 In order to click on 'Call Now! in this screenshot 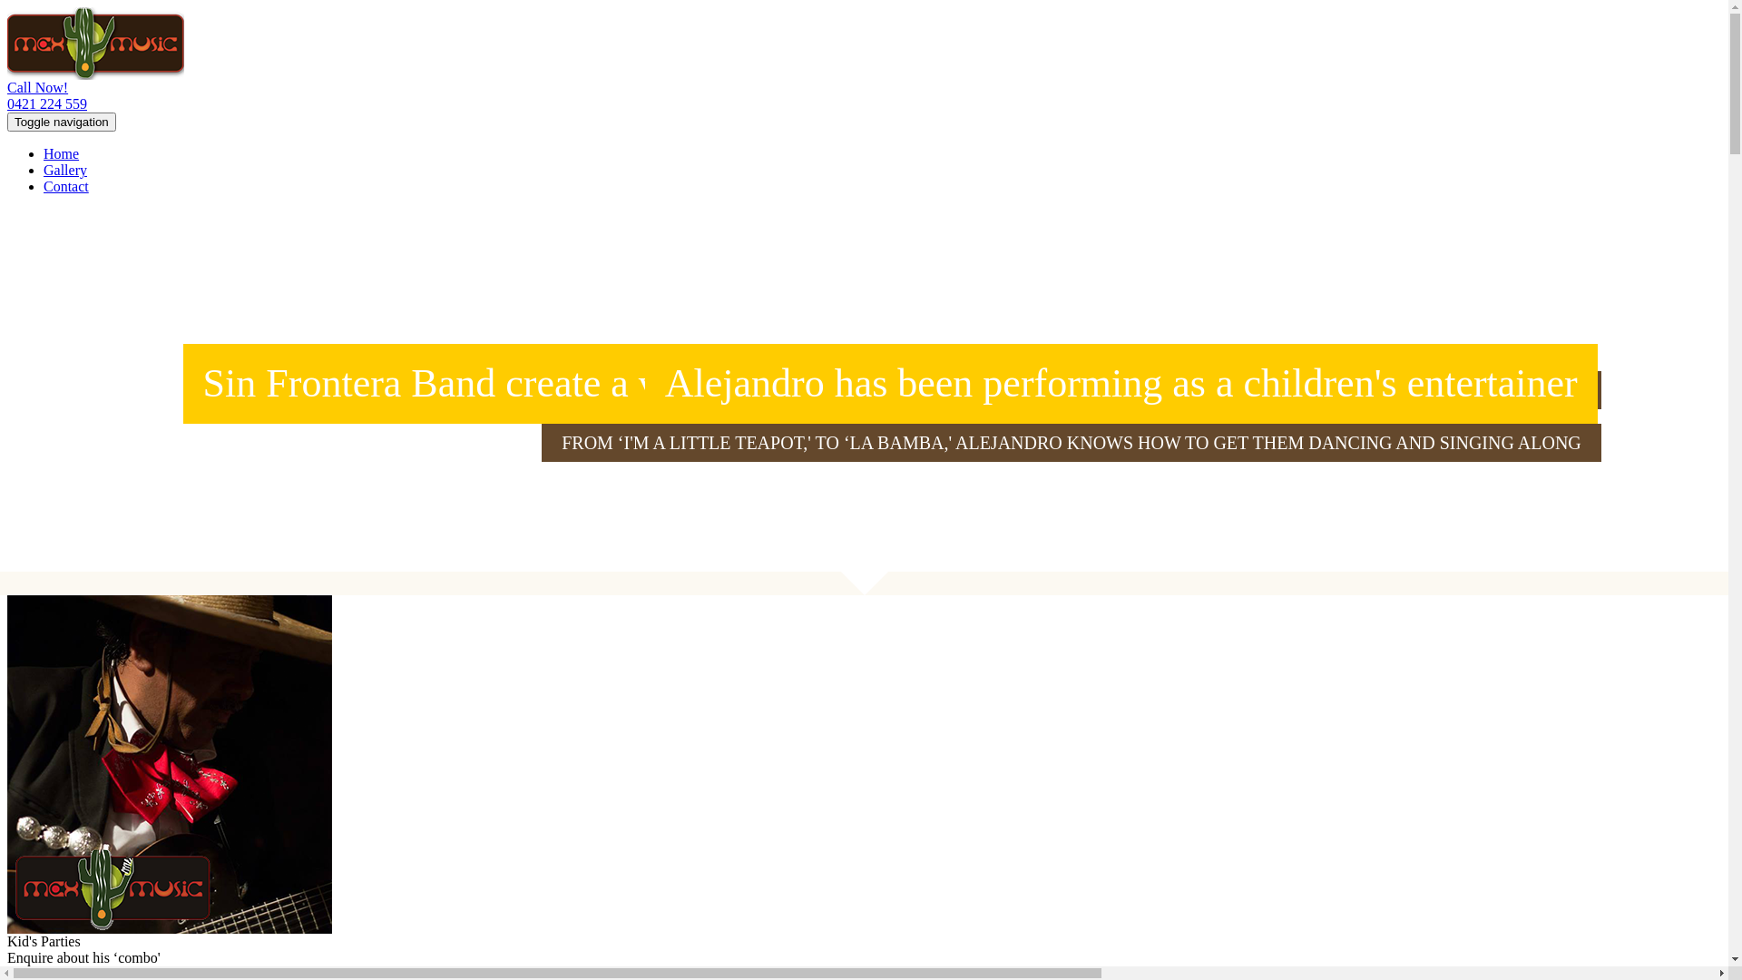, I will do `click(863, 95)`.